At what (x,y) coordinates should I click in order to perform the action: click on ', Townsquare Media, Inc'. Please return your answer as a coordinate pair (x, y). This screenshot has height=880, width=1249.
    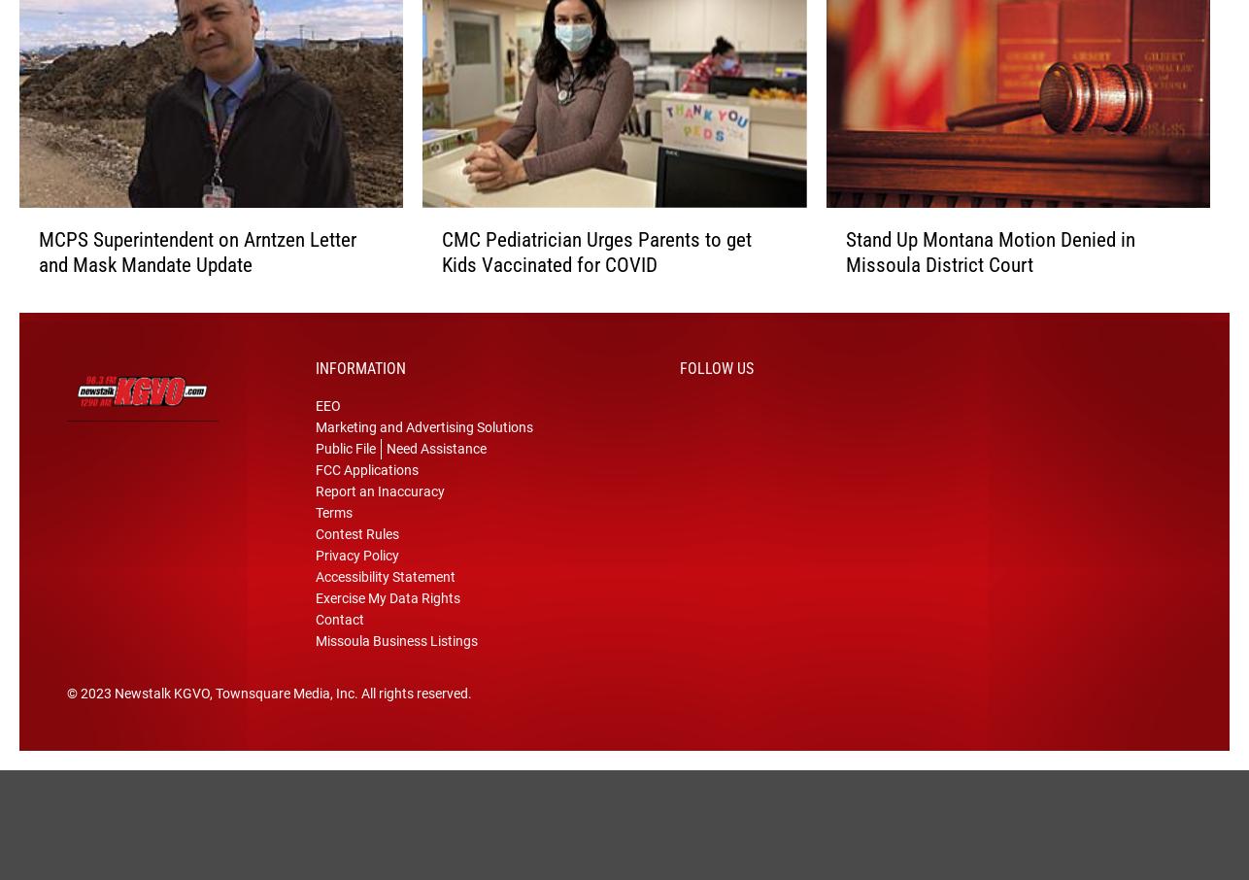
    Looking at the image, I should click on (282, 718).